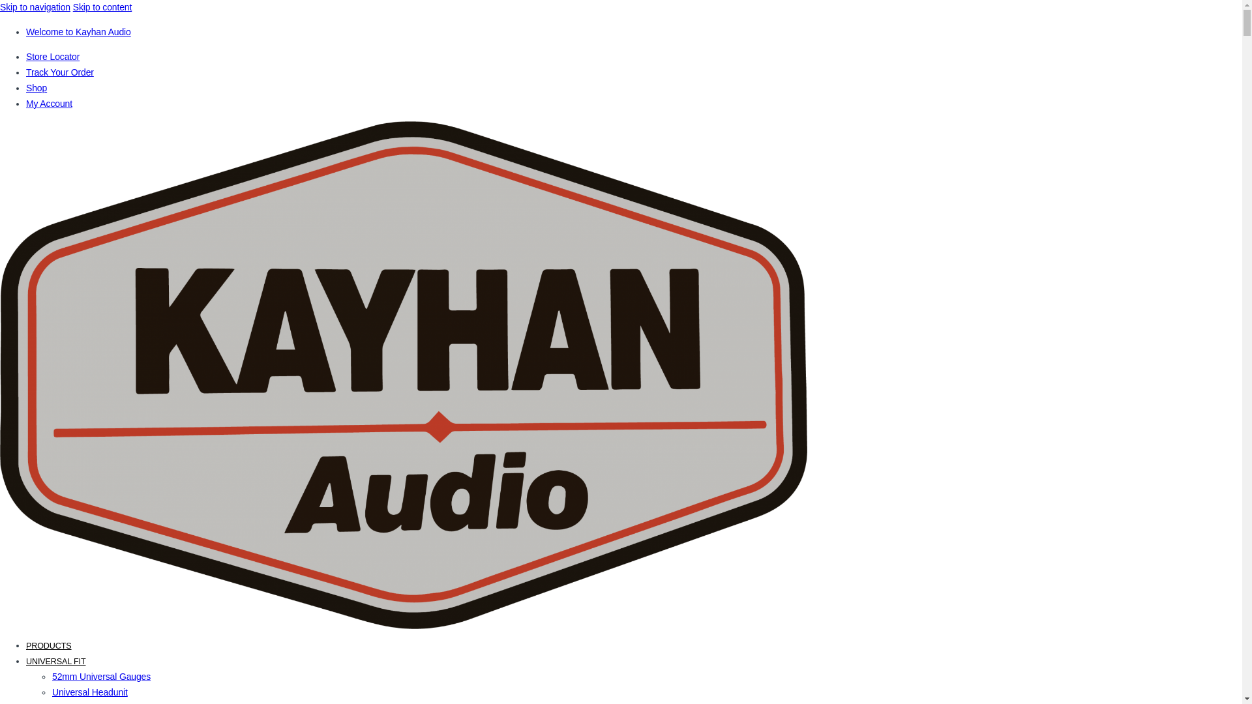 The image size is (1252, 704). I want to click on 'UNIVERSAL FIT', so click(55, 661).